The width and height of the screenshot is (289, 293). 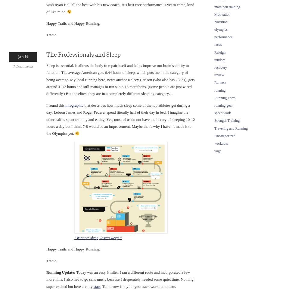 I want to click on 'Sleep is essential. It allows the body to repair itself and helps improve our brain’s ability to function. The average American gets 6.44 hours of sleep, which puts me in the category of being average. My local running hero, news anchor Kelcey Carlson (who also has 2 kids), gets around 4 1/2 hours and still manages to run sub 3:15 marathons. (Some people are just wired differently.) But the elites, they are in a completely different sleeping category…', so click(x=120, y=79).